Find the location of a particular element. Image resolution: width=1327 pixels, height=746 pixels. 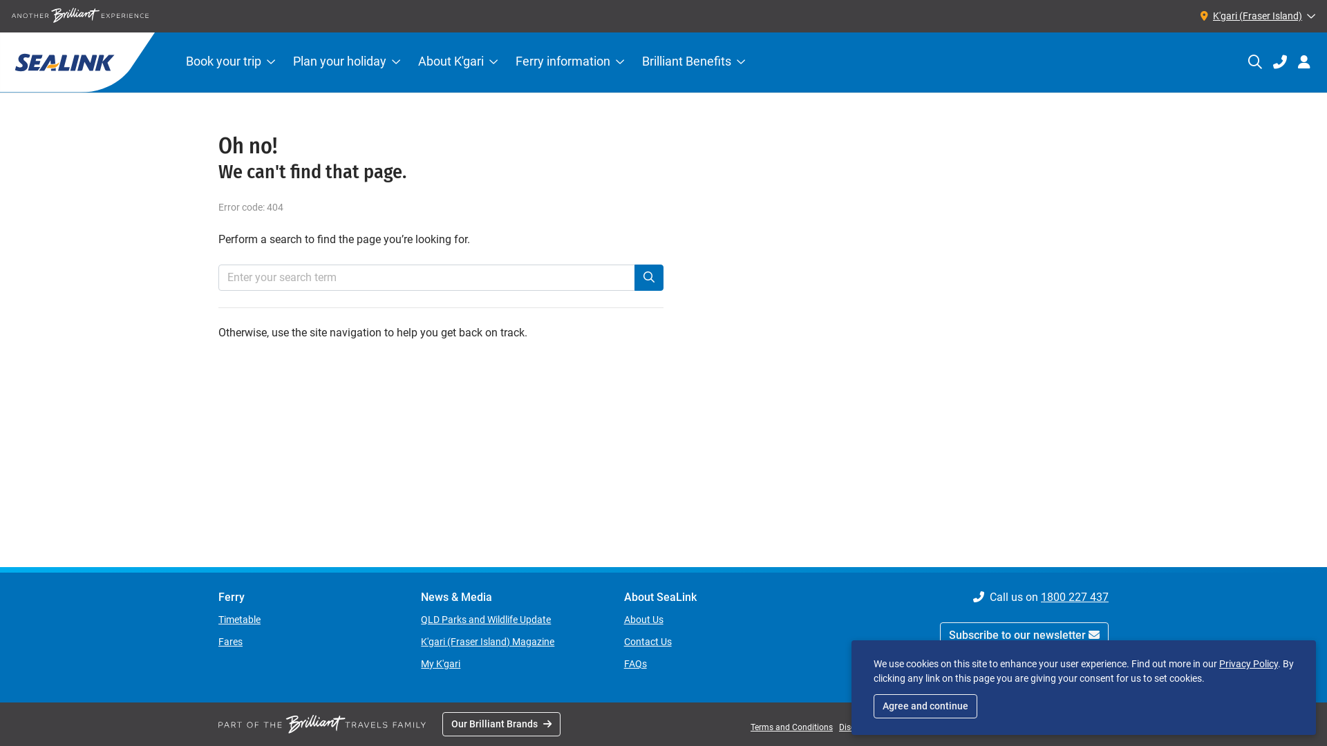

'Subscribe to our newsletter' is located at coordinates (1024, 635).